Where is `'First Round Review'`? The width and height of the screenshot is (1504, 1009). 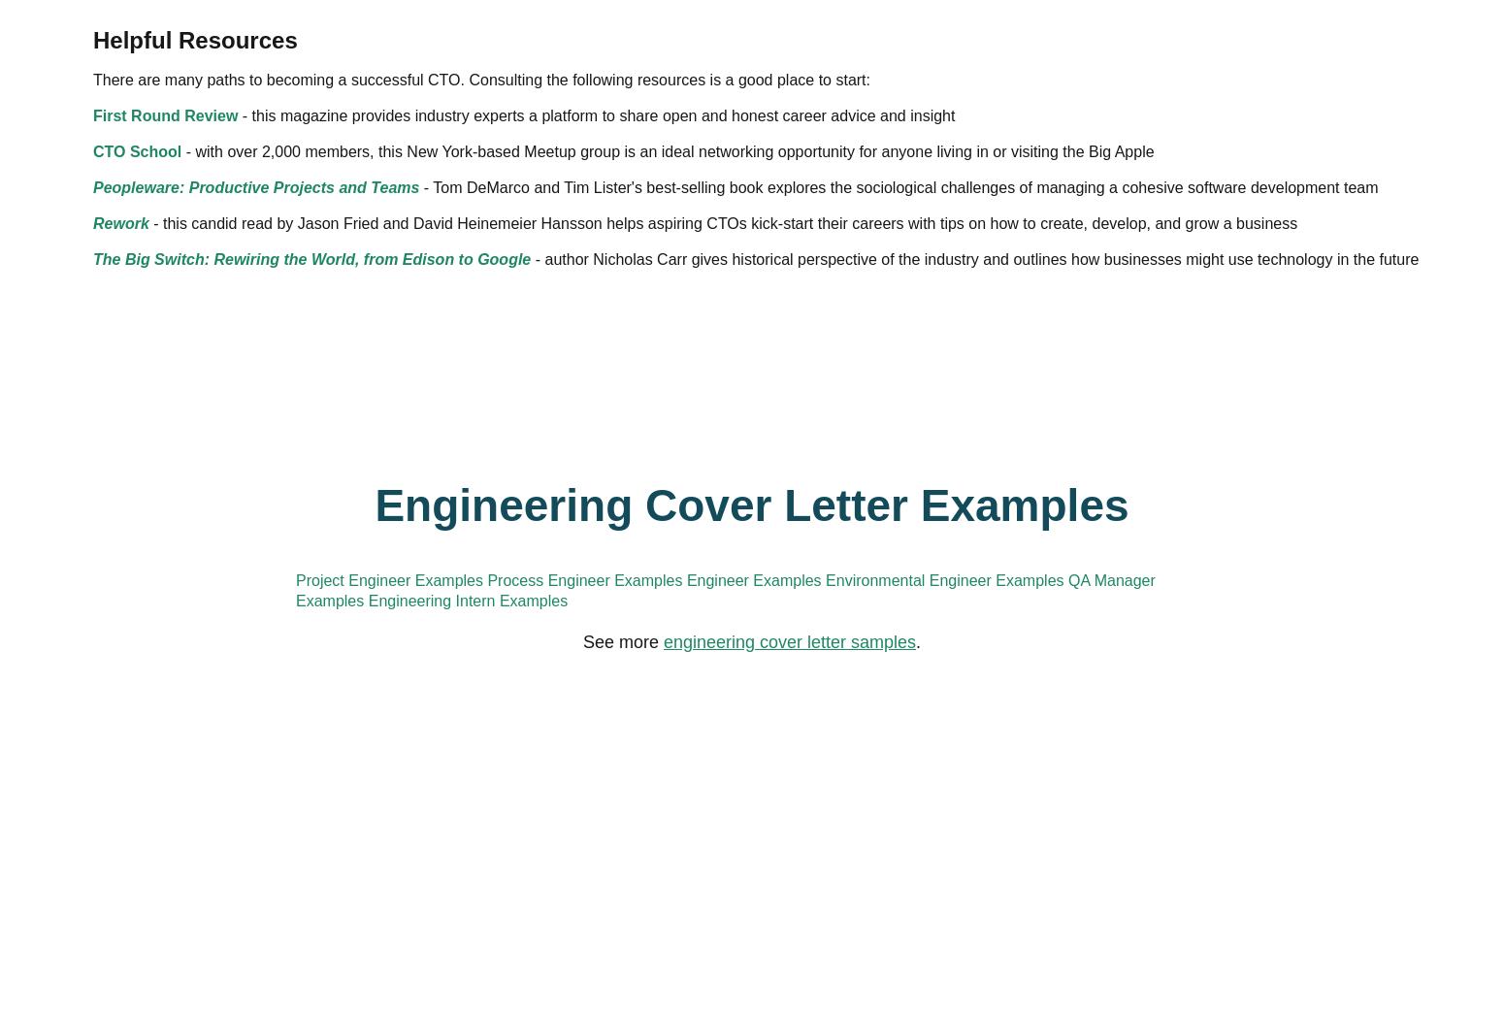 'First Round Review' is located at coordinates (491, 290).